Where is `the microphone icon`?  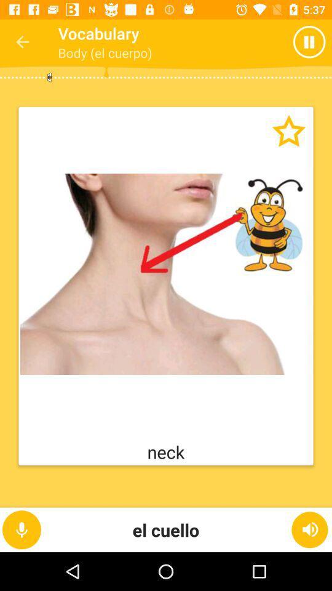 the microphone icon is located at coordinates (22, 529).